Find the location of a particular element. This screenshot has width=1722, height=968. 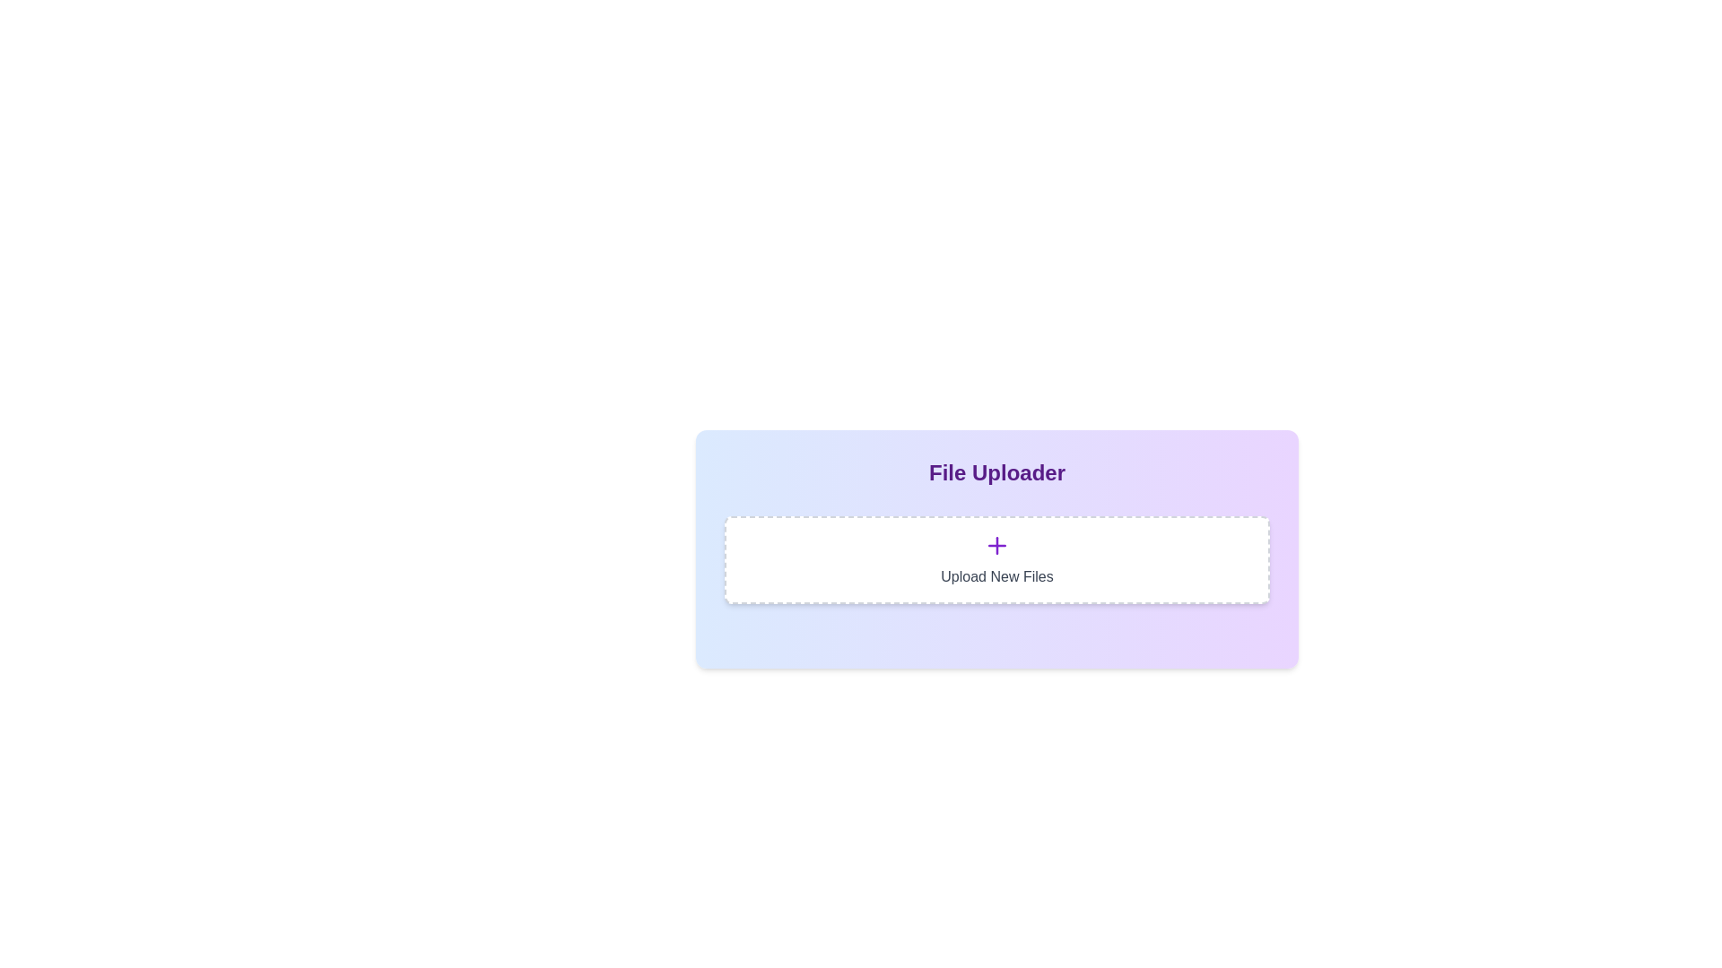

the button with a white background and gray dashed border labeled 'Upload New Files' is located at coordinates (996, 558).